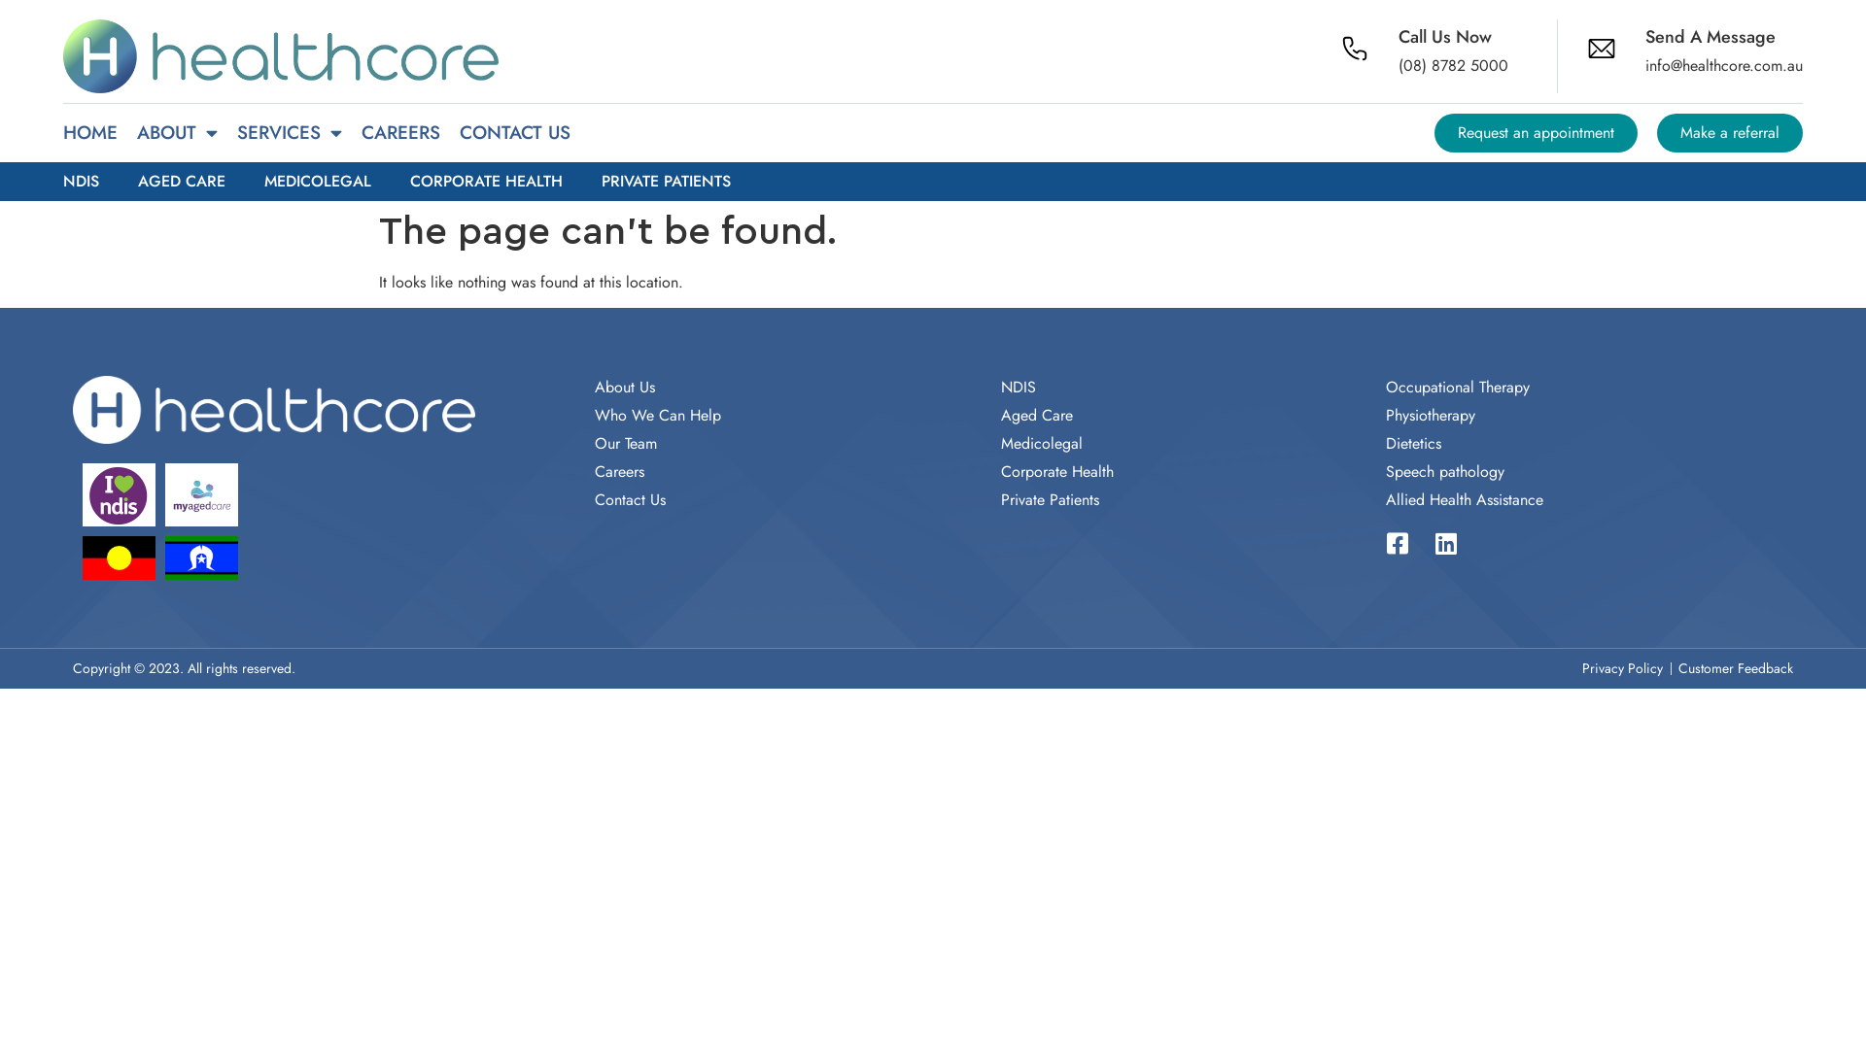 The image size is (1866, 1049). What do you see at coordinates (88, 132) in the screenshot?
I see `'HOME'` at bounding box center [88, 132].